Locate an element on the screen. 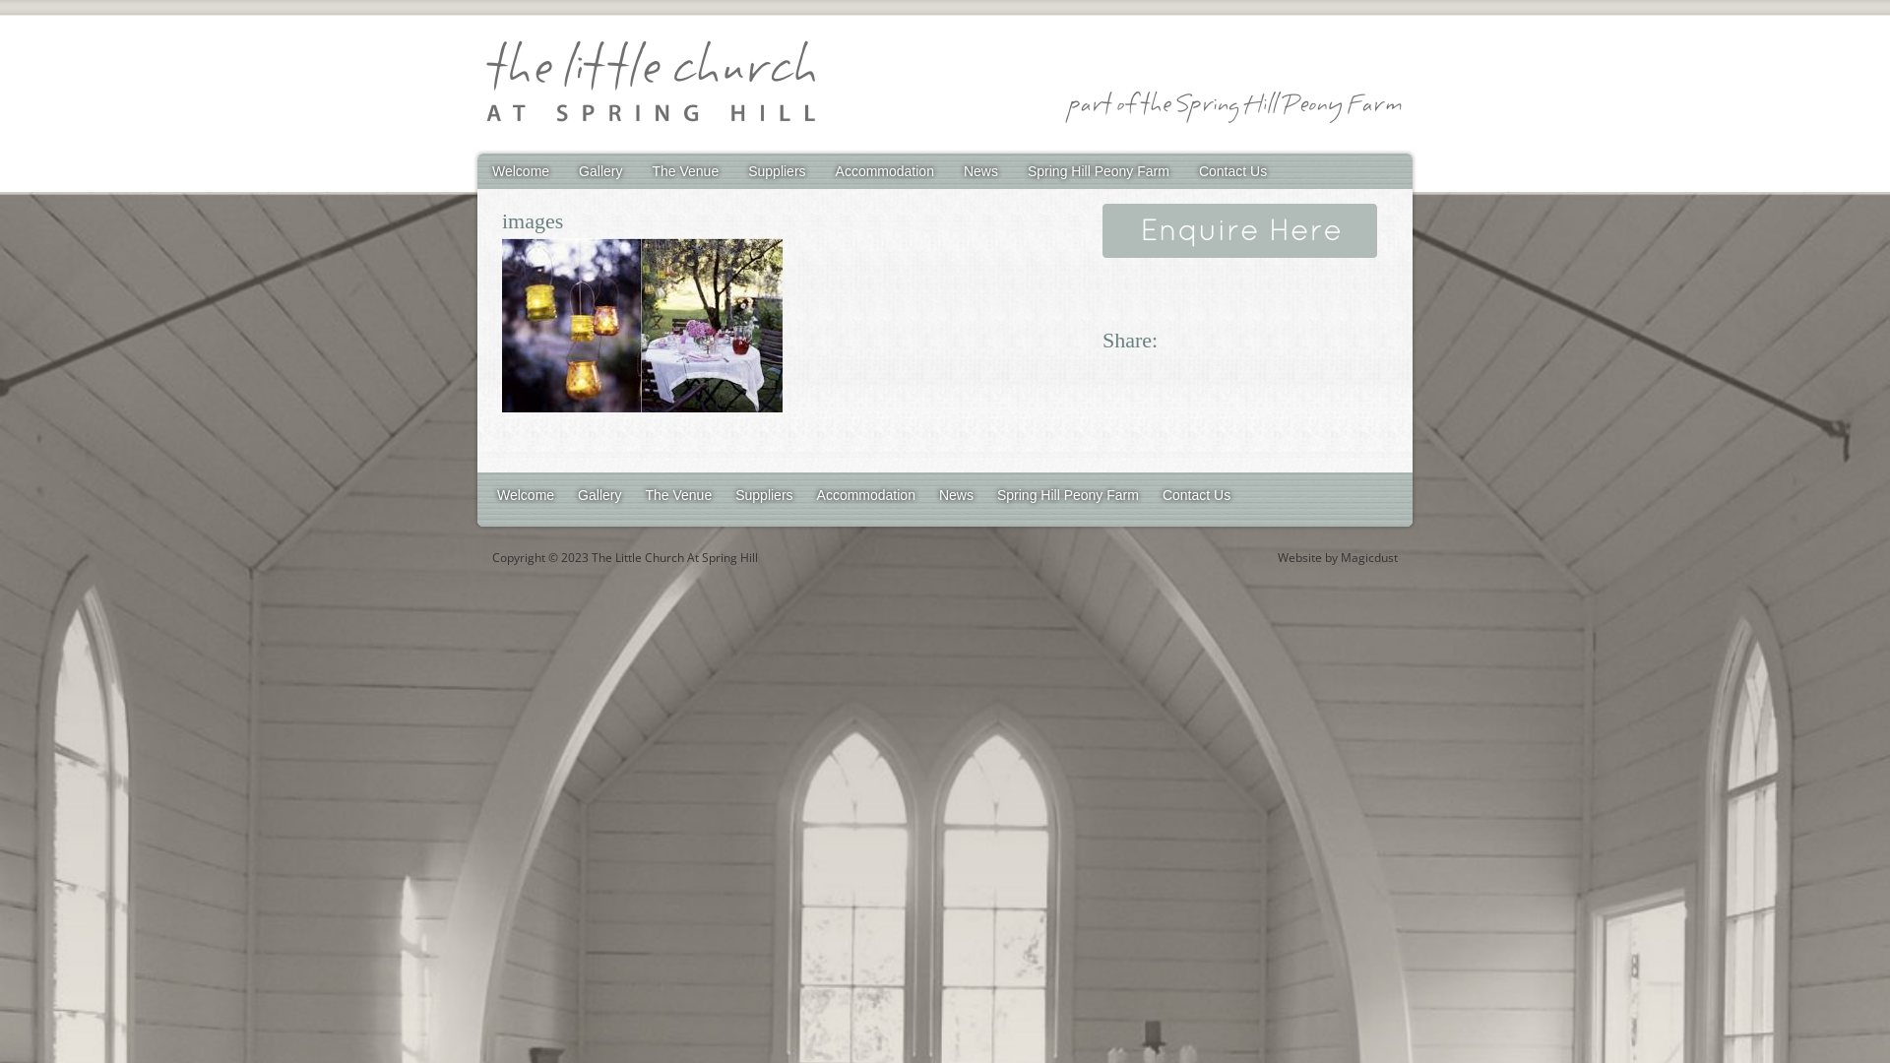 The image size is (1890, 1063). 'The Venue' is located at coordinates (637, 169).